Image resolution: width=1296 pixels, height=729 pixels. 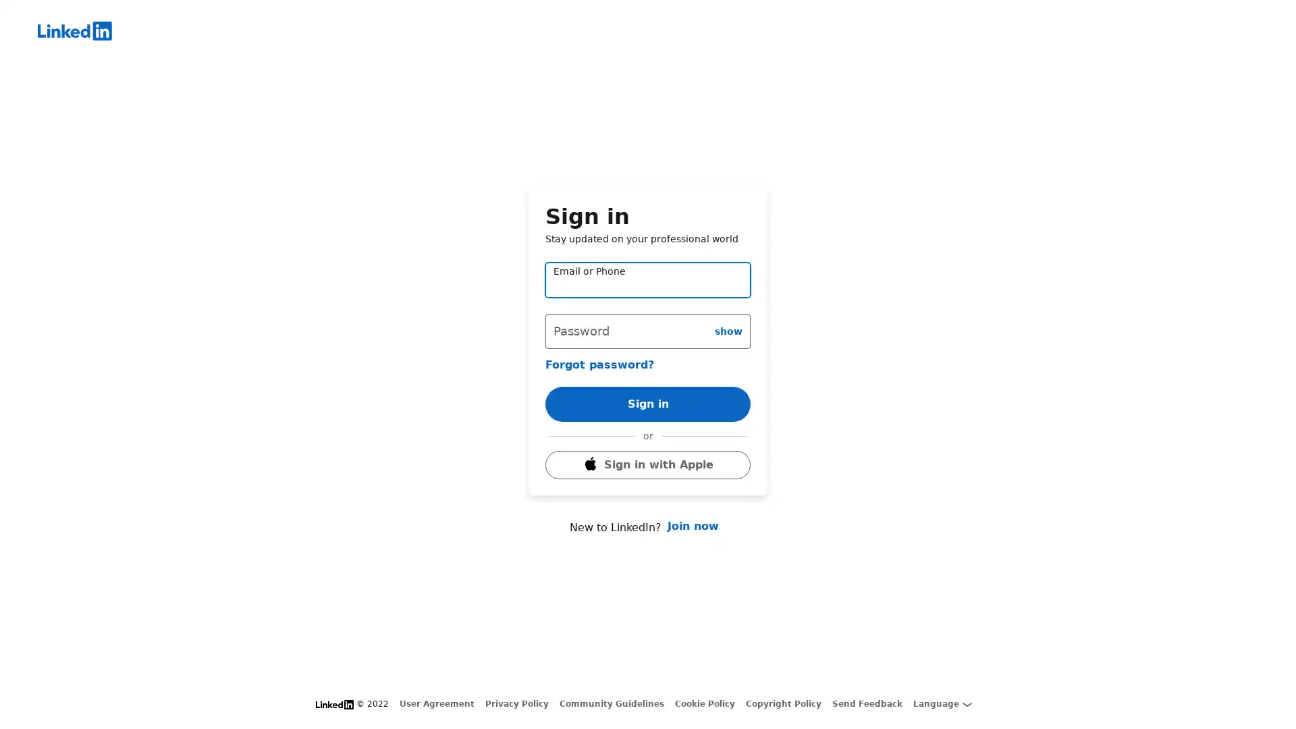 What do you see at coordinates (648, 483) in the screenshot?
I see `Sign in with Apple` at bounding box center [648, 483].